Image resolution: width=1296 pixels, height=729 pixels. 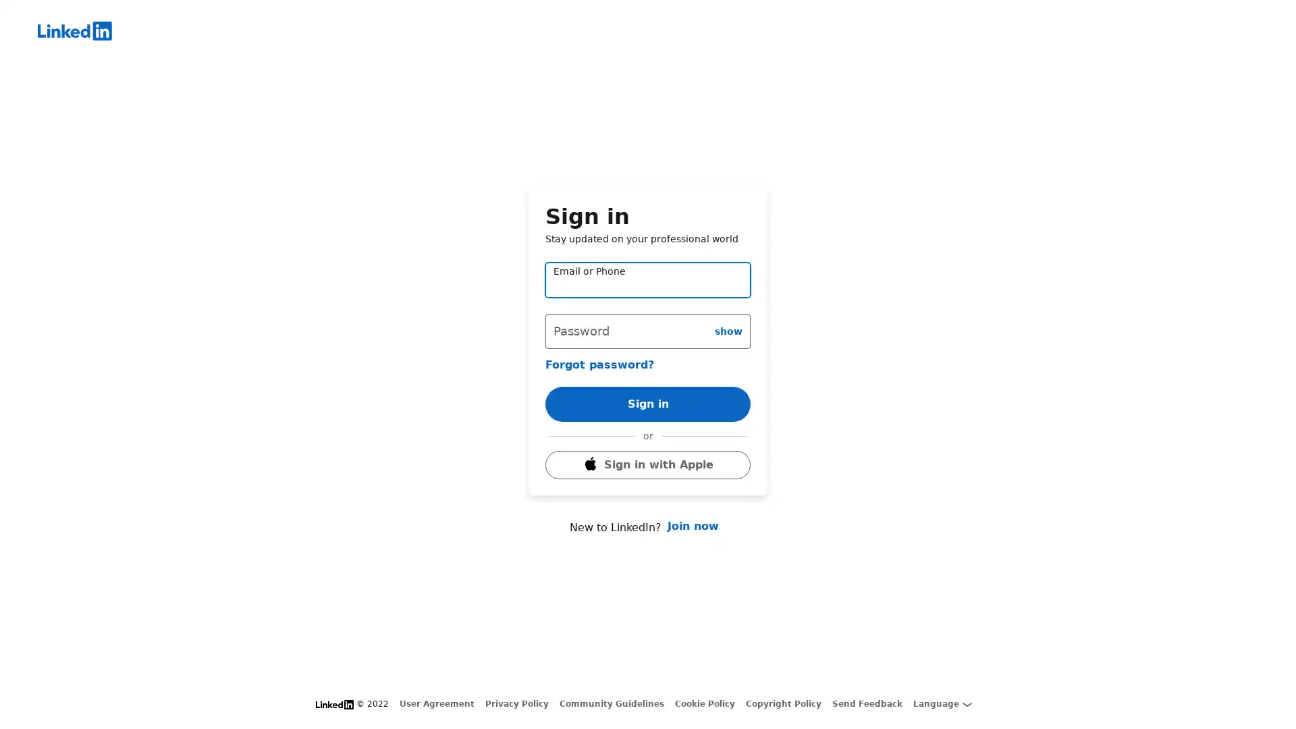 What do you see at coordinates (648, 483) in the screenshot?
I see `Sign in with Apple` at bounding box center [648, 483].